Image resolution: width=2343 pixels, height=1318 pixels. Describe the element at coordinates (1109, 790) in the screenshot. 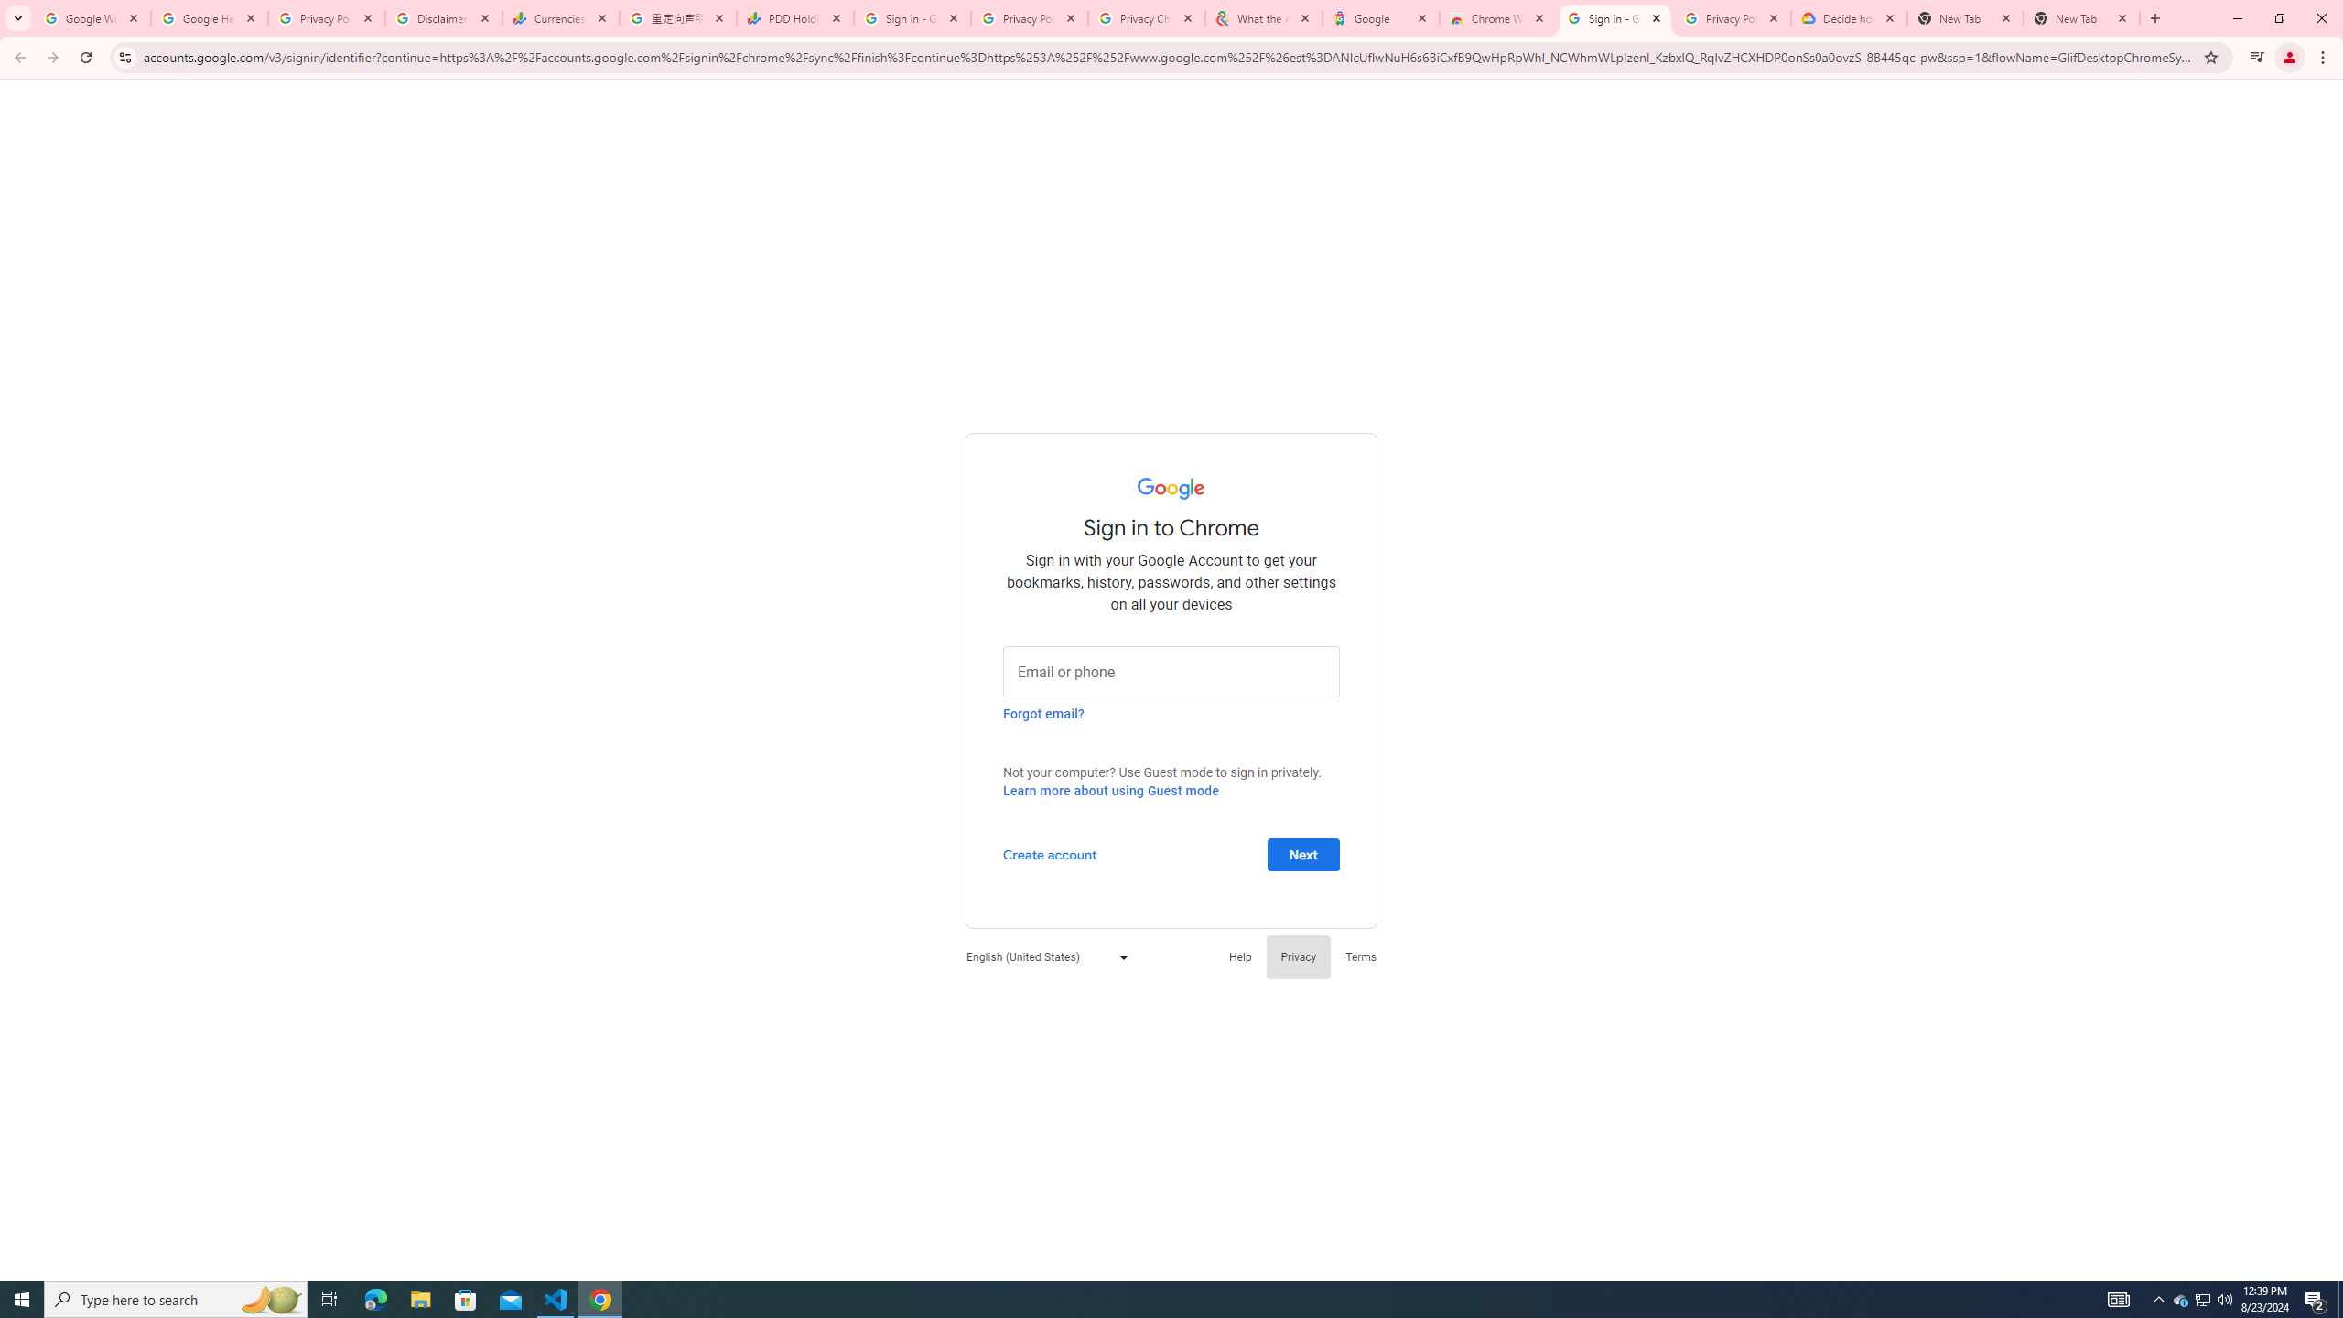

I see `'Learn more about using Guest mode'` at that location.